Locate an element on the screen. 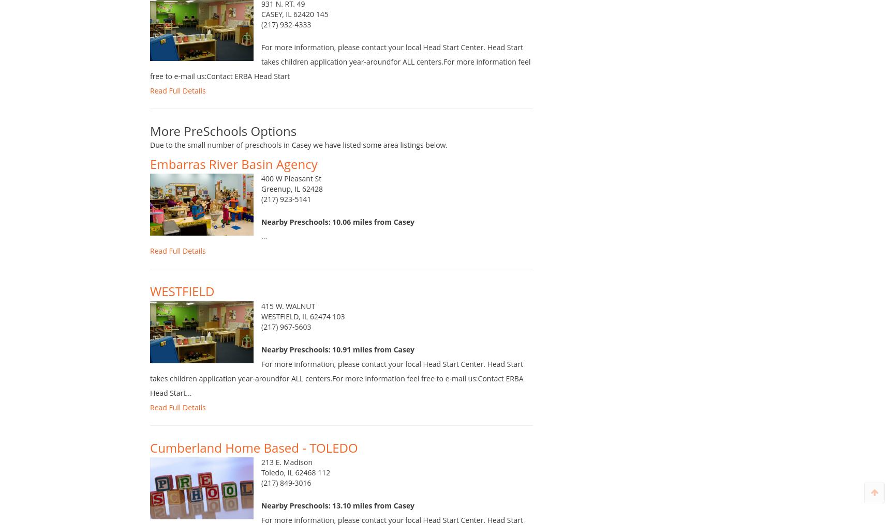 This screenshot has height=525, width=890. '(217) 923-5141' is located at coordinates (286, 210).